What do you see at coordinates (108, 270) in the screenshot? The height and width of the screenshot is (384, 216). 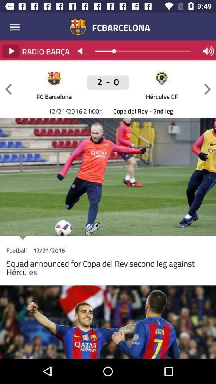 I see `the squad announced for` at bounding box center [108, 270].